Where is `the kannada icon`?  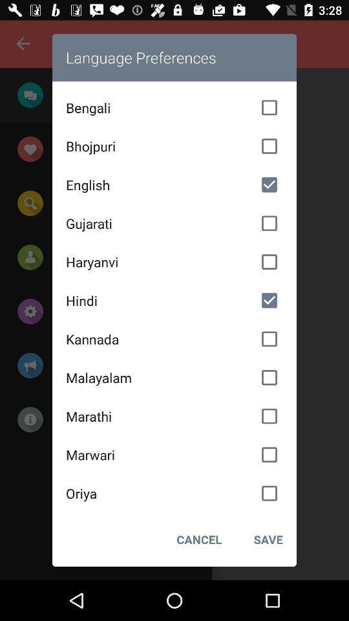 the kannada icon is located at coordinates (174, 338).